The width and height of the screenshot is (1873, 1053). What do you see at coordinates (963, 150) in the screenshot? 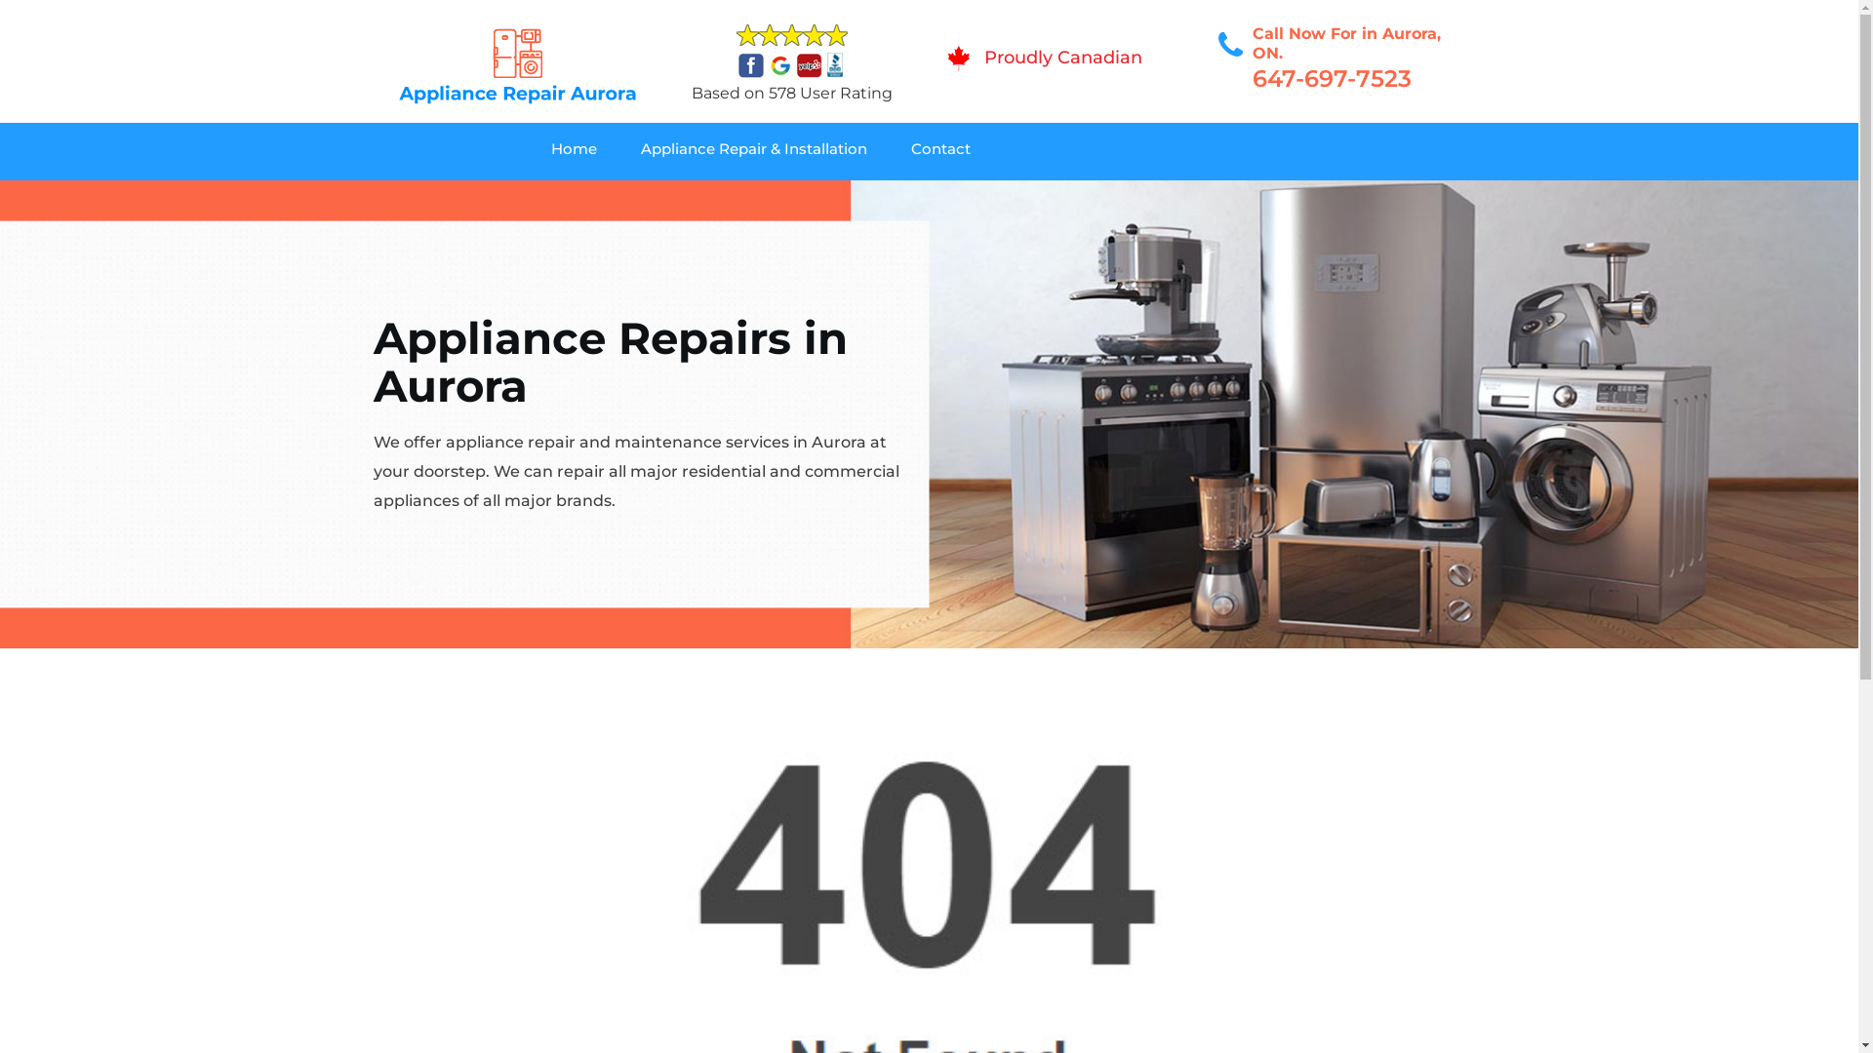
I see `'Contact'` at bounding box center [963, 150].